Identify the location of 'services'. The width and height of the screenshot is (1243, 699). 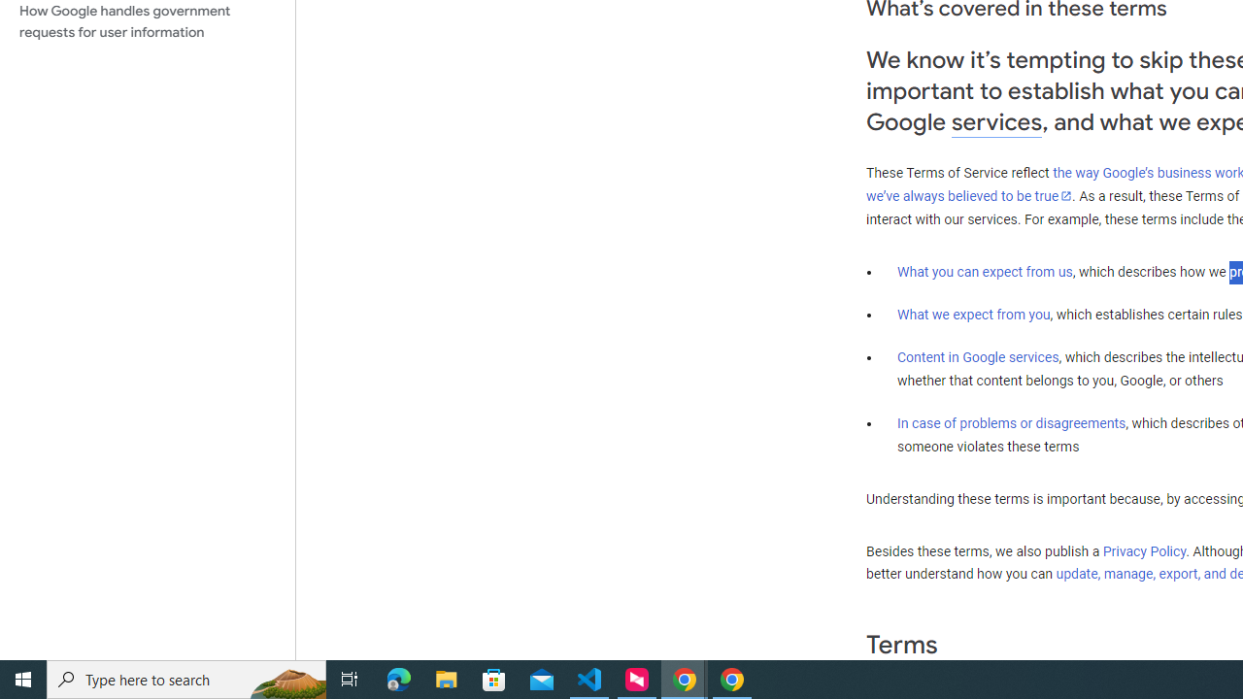
(996, 121).